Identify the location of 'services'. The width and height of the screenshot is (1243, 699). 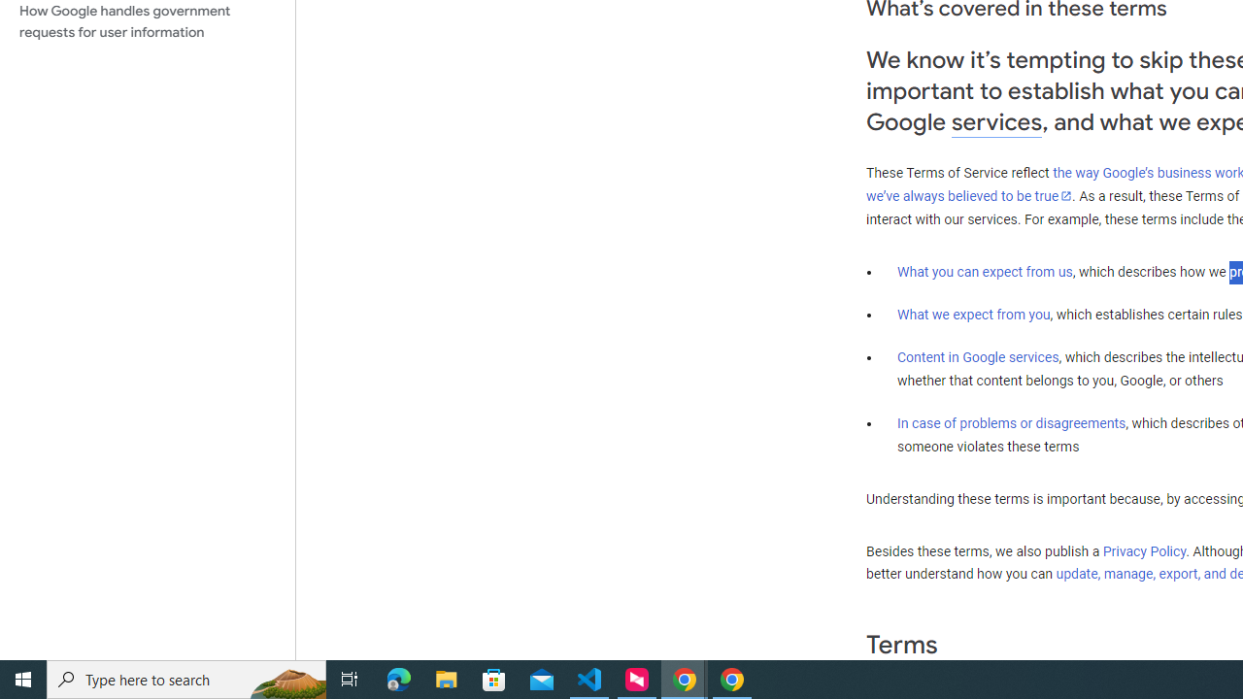
(996, 121).